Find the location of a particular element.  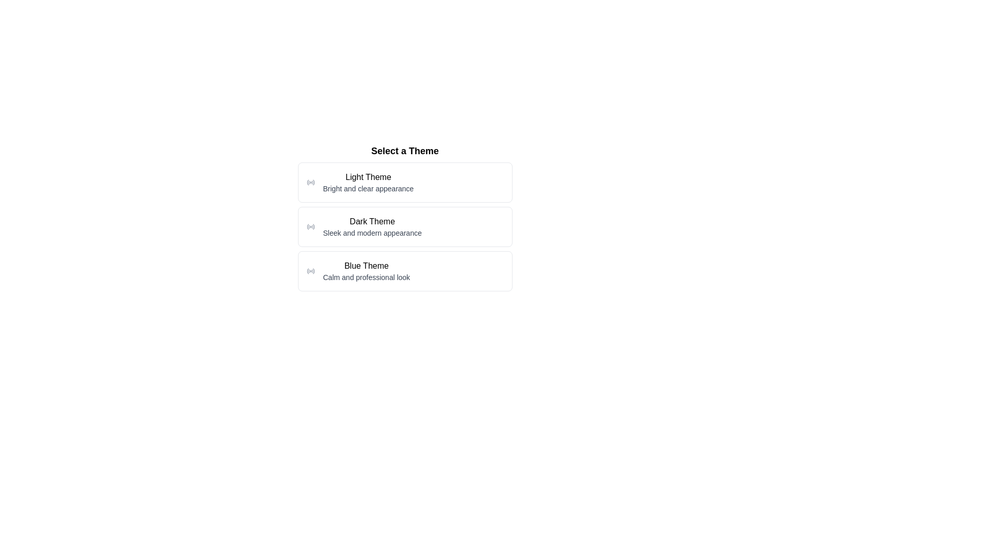

the 'Dark Theme' text label, which contains the title 'Dark Theme' in medium font and a caption 'Sleek and modern appearance' in smaller gray text, positioned as the second option in a vertical list of themes is located at coordinates (372, 226).